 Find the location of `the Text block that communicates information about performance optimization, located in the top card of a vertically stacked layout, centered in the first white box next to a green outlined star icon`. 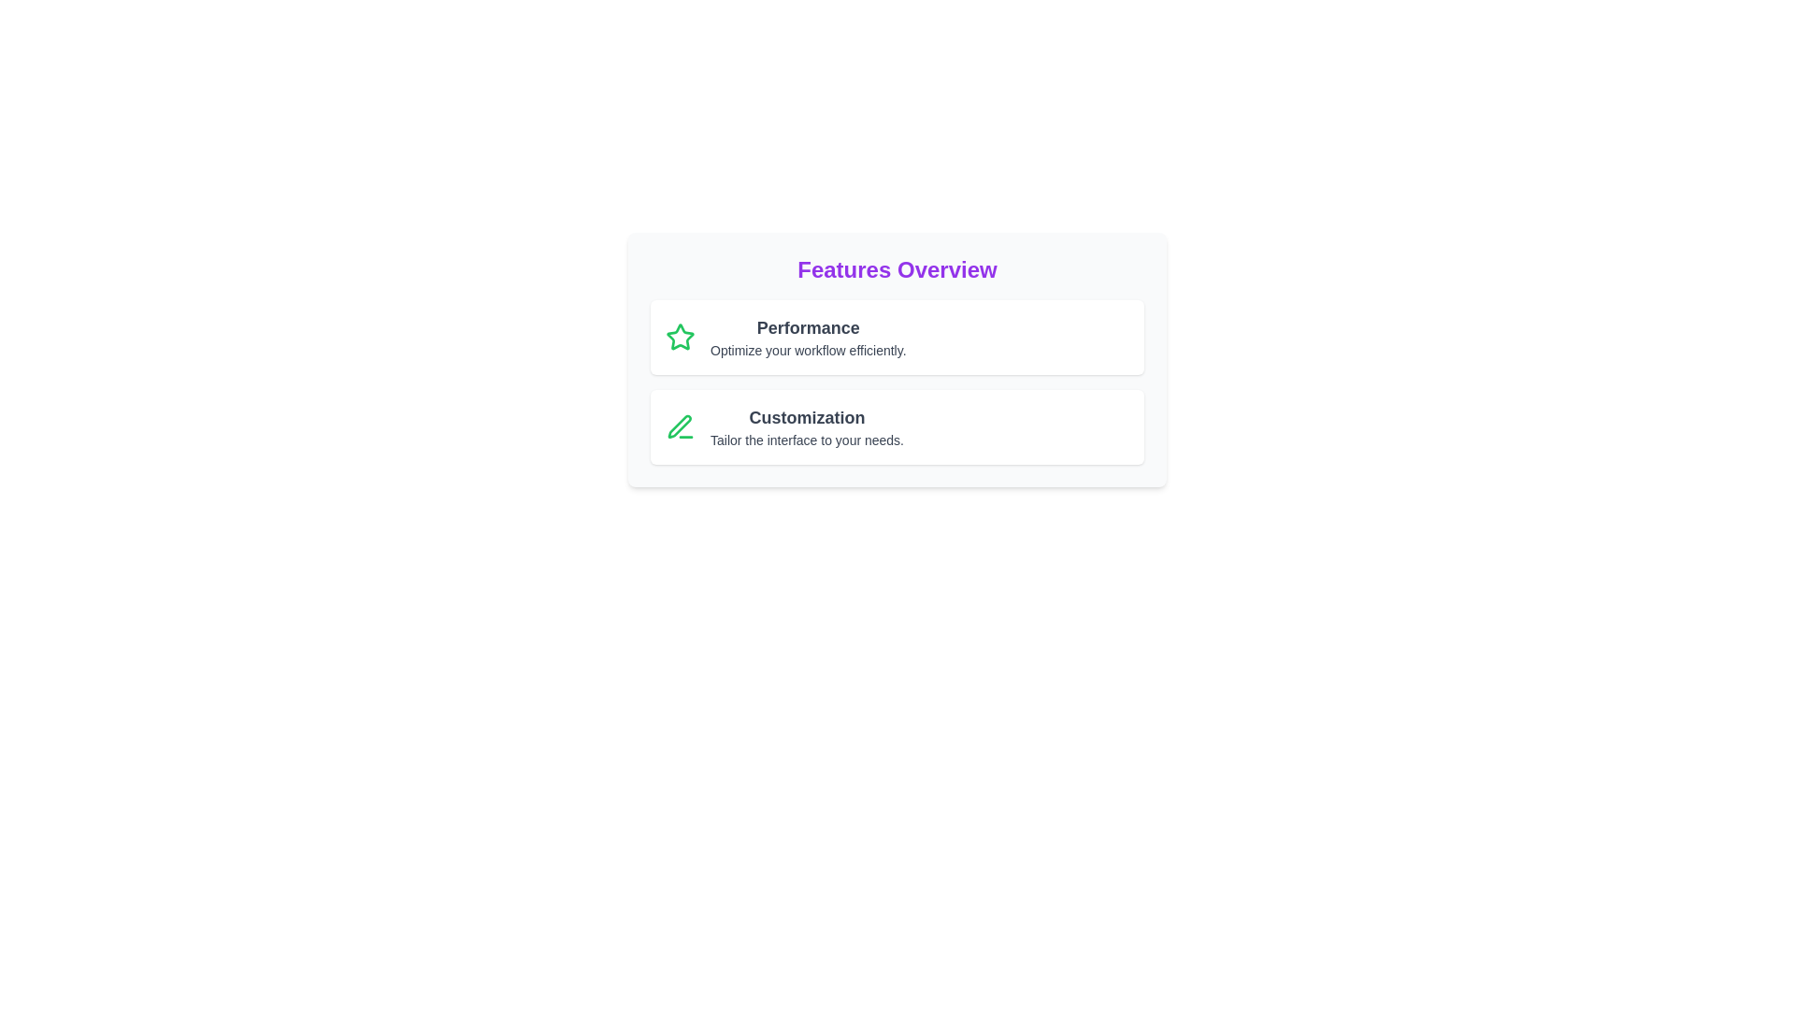

the Text block that communicates information about performance optimization, located in the top card of a vertically stacked layout, centered in the first white box next to a green outlined star icon is located at coordinates (808, 338).